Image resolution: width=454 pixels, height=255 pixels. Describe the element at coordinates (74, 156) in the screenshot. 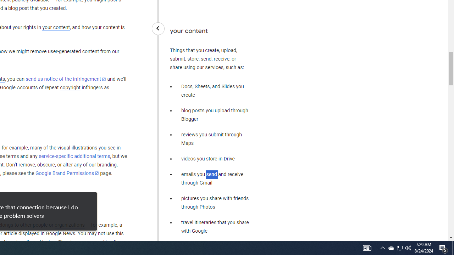

I see `'service-specific additional terms'` at that location.